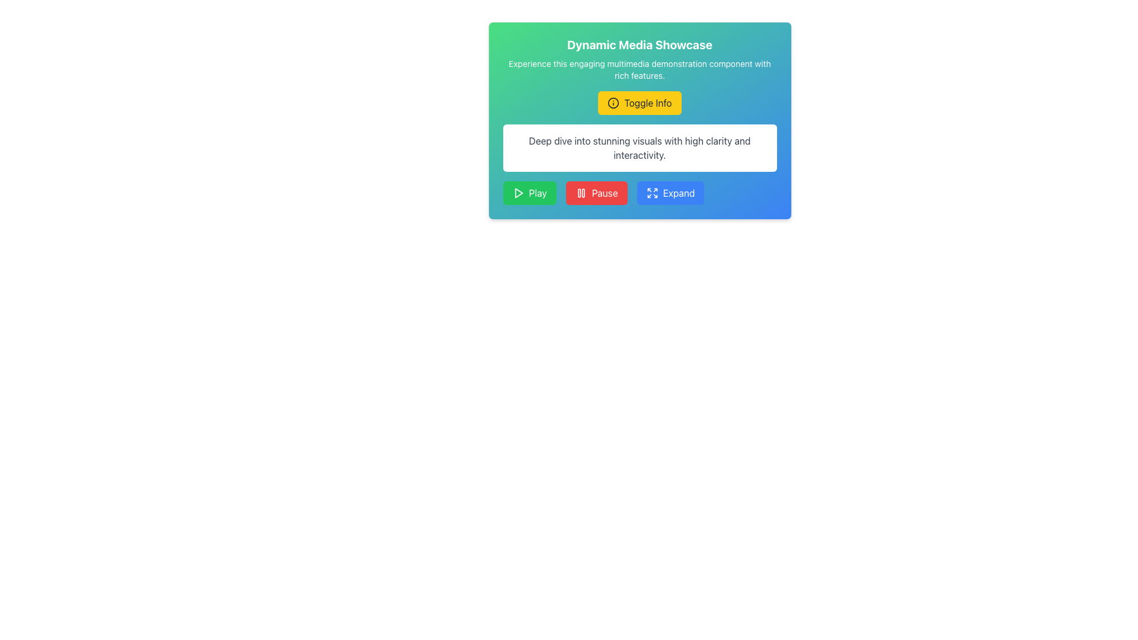 The height and width of the screenshot is (640, 1138). Describe the element at coordinates (639, 102) in the screenshot. I see `the prominent yellow 'Toggle Info' button, which features a circular 'i' icon and is located below the 'Dynamic Media Showcase' header` at that location.